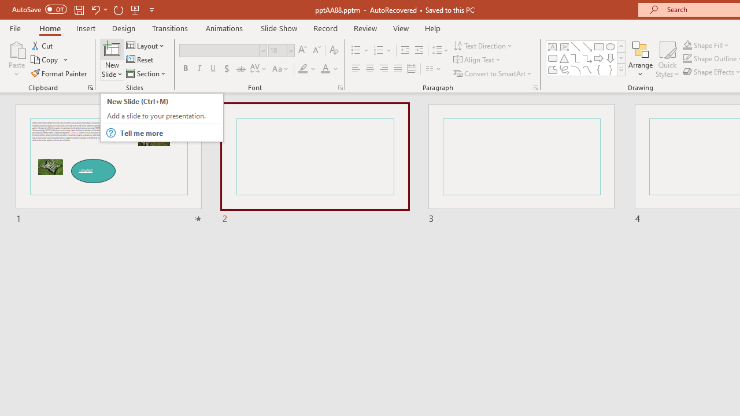 The height and width of the screenshot is (416, 740). What do you see at coordinates (440, 50) in the screenshot?
I see `'Line Spacing'` at bounding box center [440, 50].